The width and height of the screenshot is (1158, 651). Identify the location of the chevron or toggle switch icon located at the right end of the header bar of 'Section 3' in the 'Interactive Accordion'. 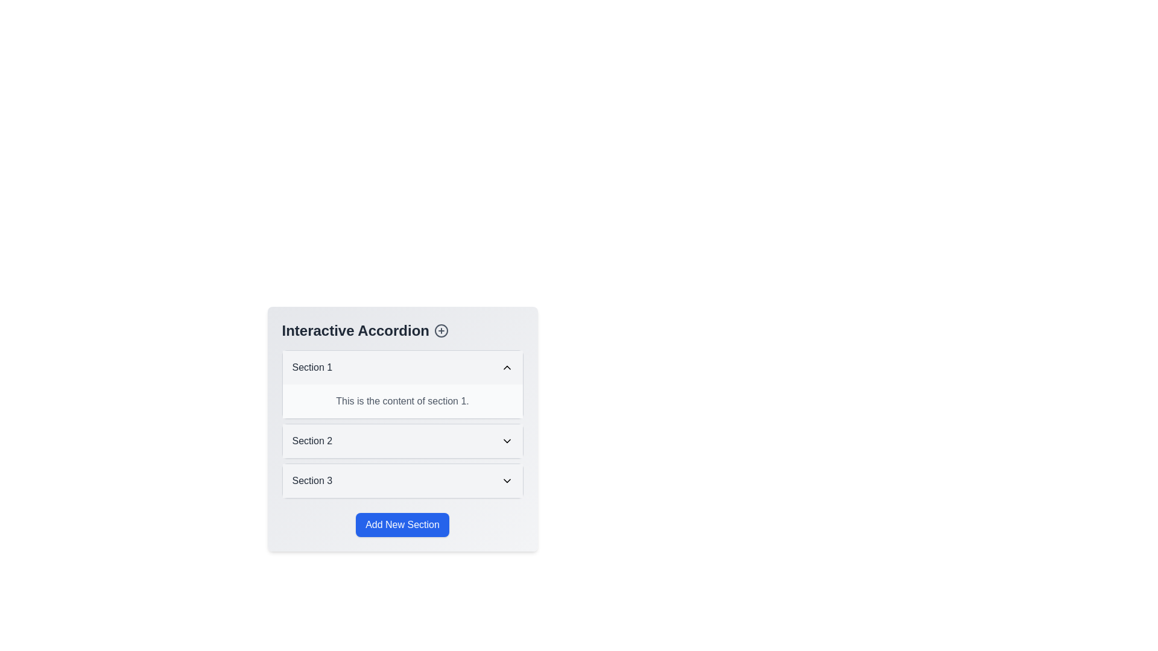
(507, 480).